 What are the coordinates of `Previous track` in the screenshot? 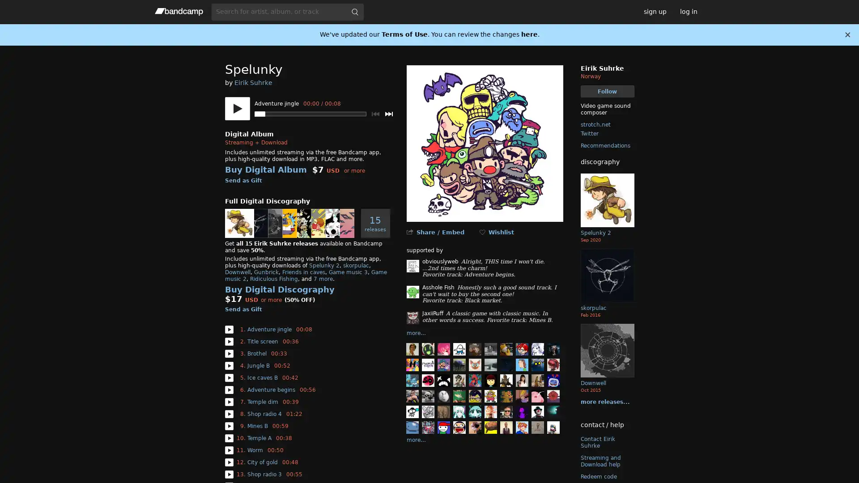 It's located at (375, 113).